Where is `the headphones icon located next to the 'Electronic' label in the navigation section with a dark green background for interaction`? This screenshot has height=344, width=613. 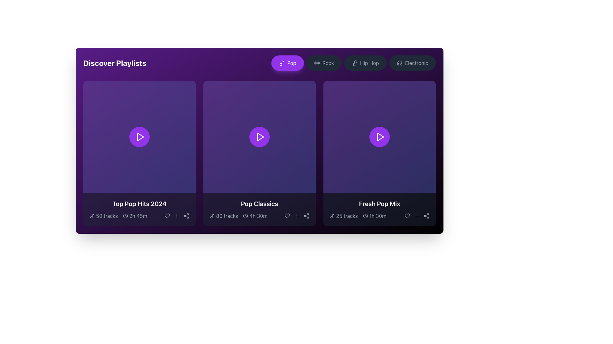
the headphones icon located next to the 'Electronic' label in the navigation section with a dark green background for interaction is located at coordinates (399, 63).